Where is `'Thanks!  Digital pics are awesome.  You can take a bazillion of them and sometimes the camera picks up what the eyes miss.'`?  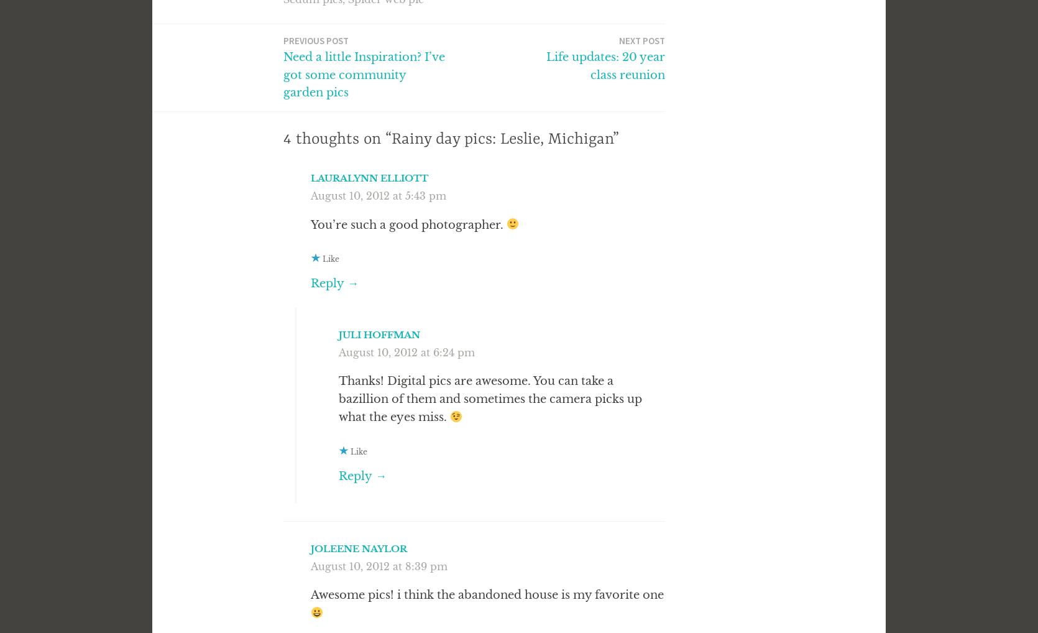
'Thanks!  Digital pics are awesome.  You can take a bazillion of them and sometimes the camera picks up what the eyes miss.' is located at coordinates (490, 398).